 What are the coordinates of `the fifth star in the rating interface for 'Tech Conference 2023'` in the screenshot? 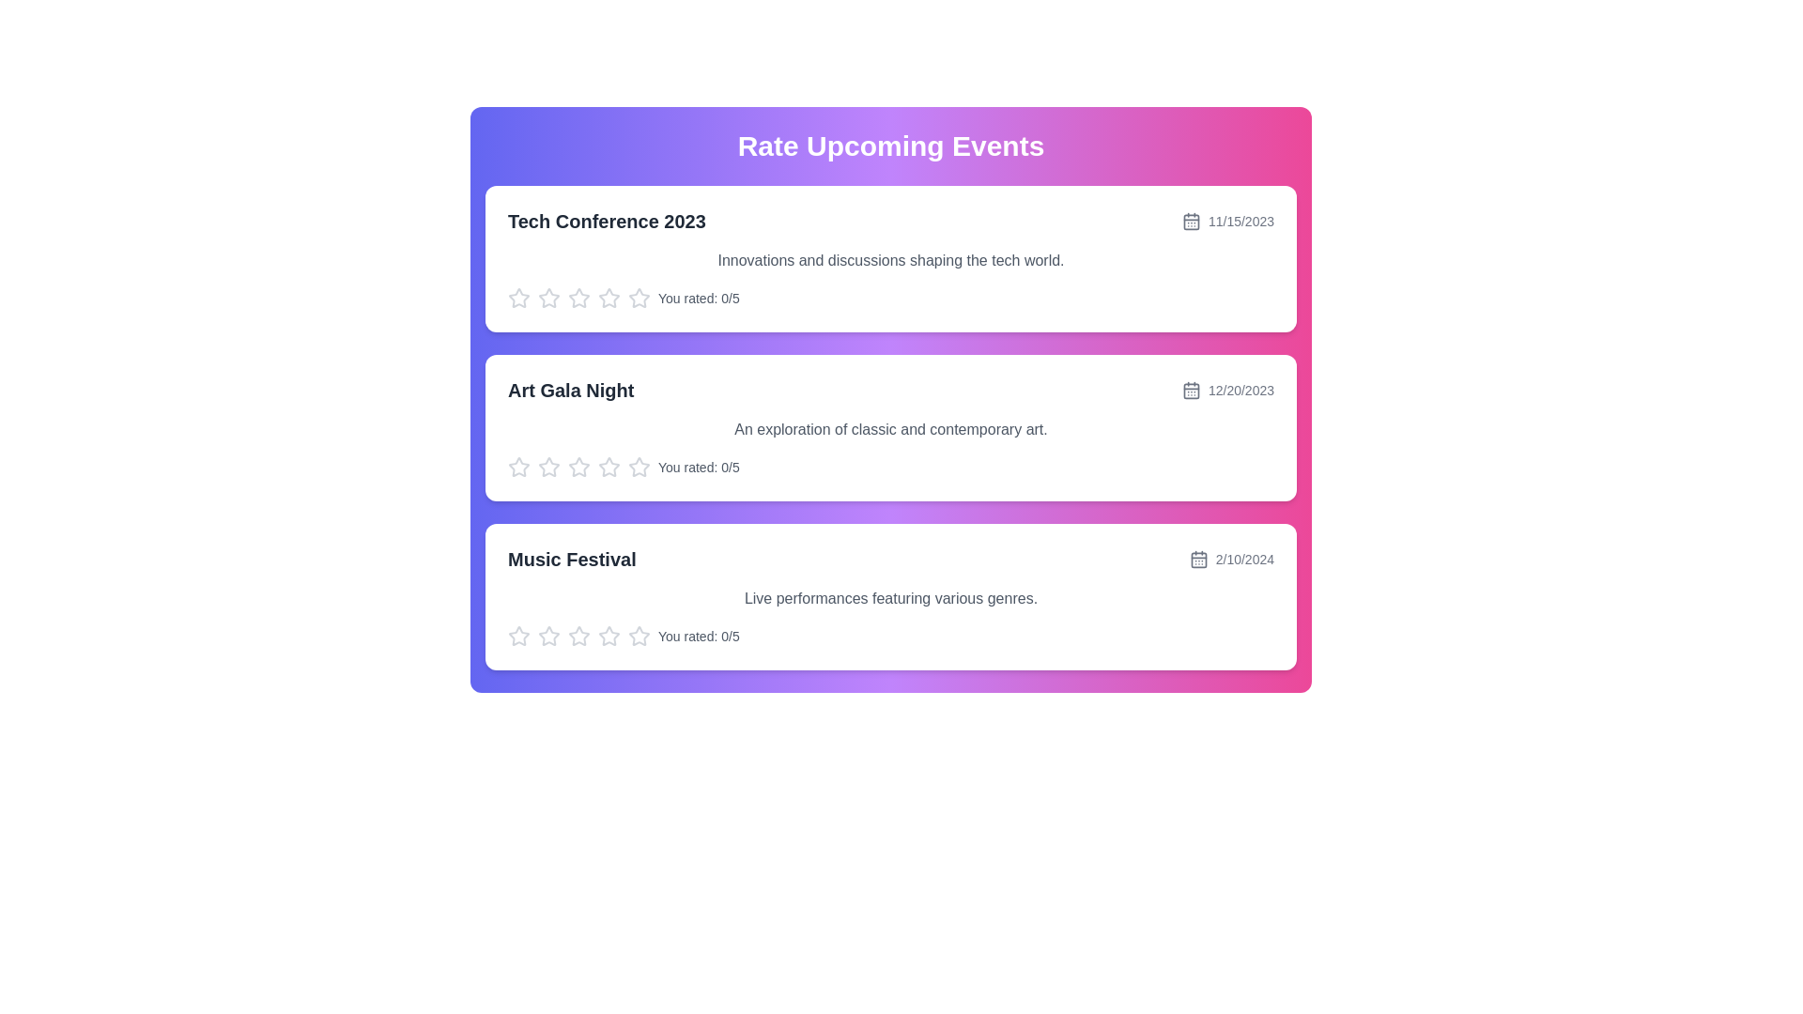 It's located at (609, 297).